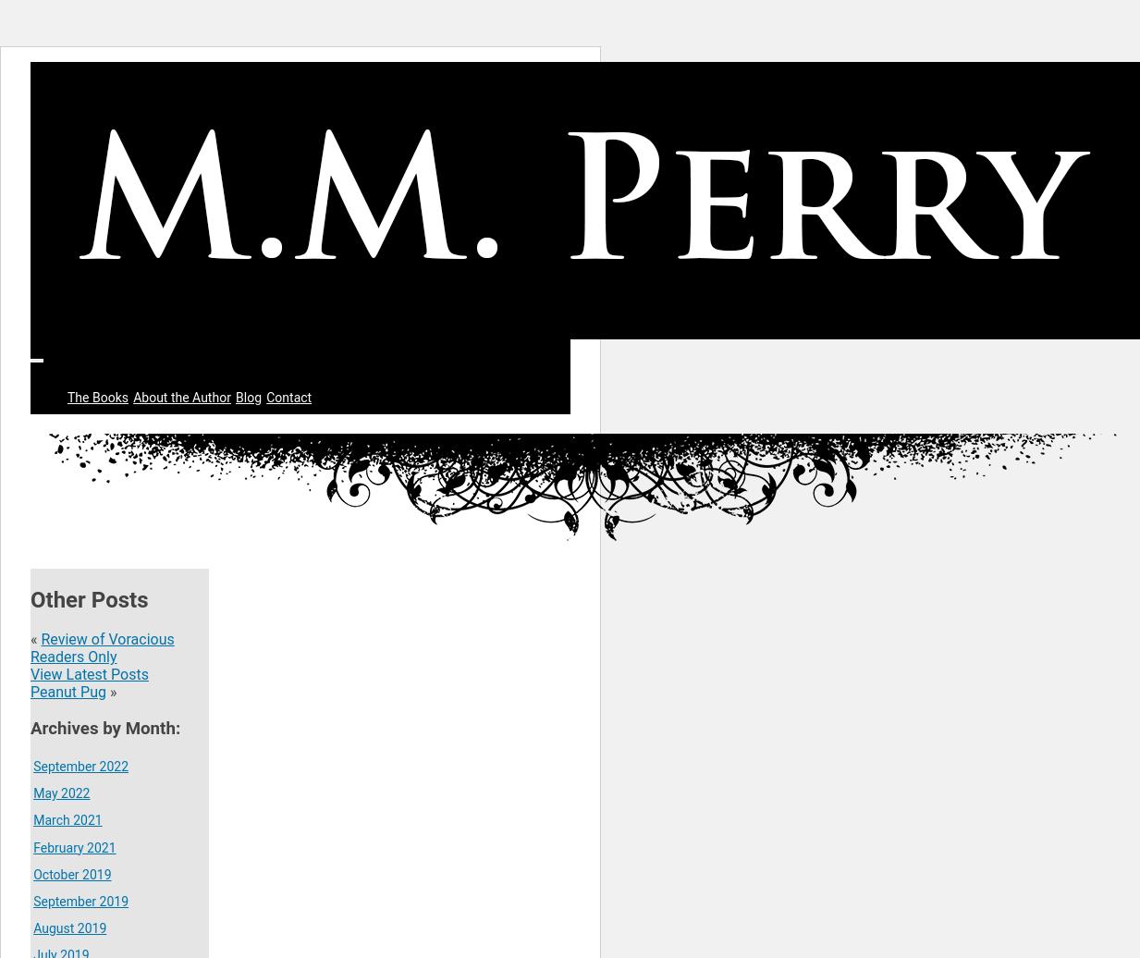 This screenshot has width=1140, height=958. What do you see at coordinates (67, 692) in the screenshot?
I see `'Peanut Pug'` at bounding box center [67, 692].